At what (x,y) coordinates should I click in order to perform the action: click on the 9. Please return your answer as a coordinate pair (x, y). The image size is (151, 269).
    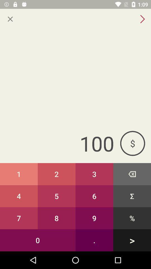
    Looking at the image, I should click on (94, 218).